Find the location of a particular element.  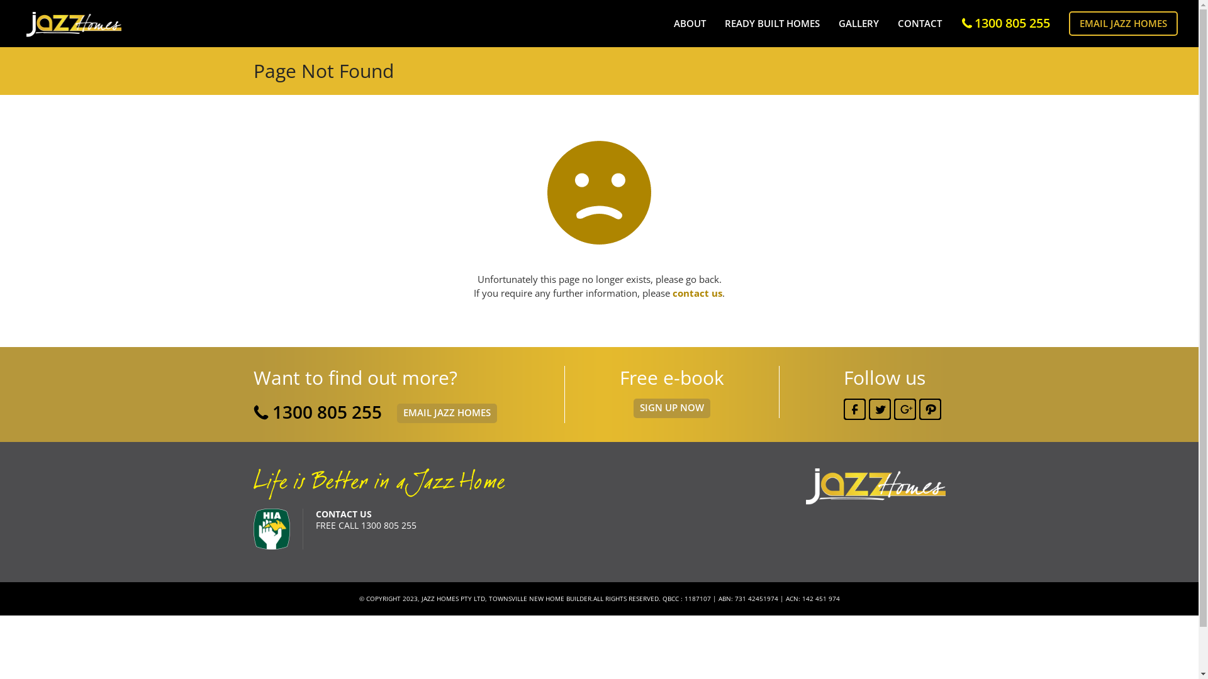

'EMAIL JAZZ HOMES' is located at coordinates (446, 413).